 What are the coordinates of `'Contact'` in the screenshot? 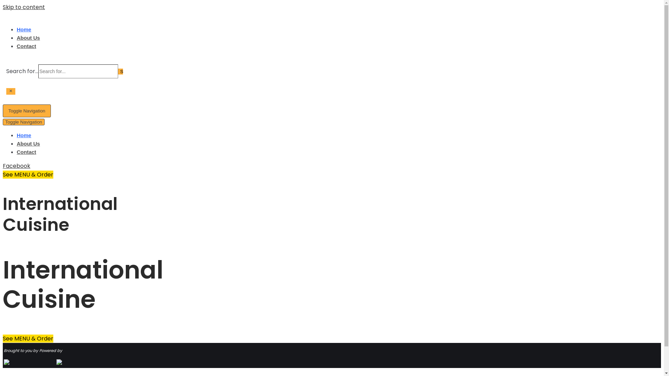 It's located at (26, 151).